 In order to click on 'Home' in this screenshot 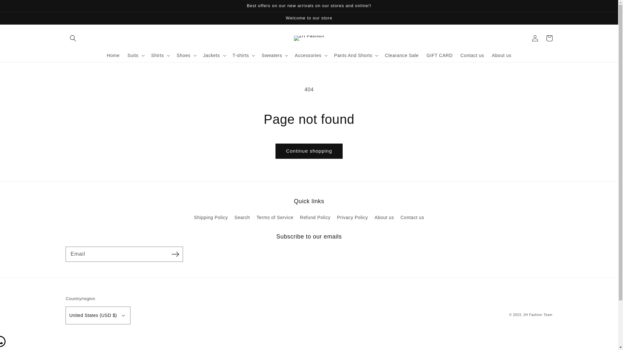, I will do `click(113, 55)`.